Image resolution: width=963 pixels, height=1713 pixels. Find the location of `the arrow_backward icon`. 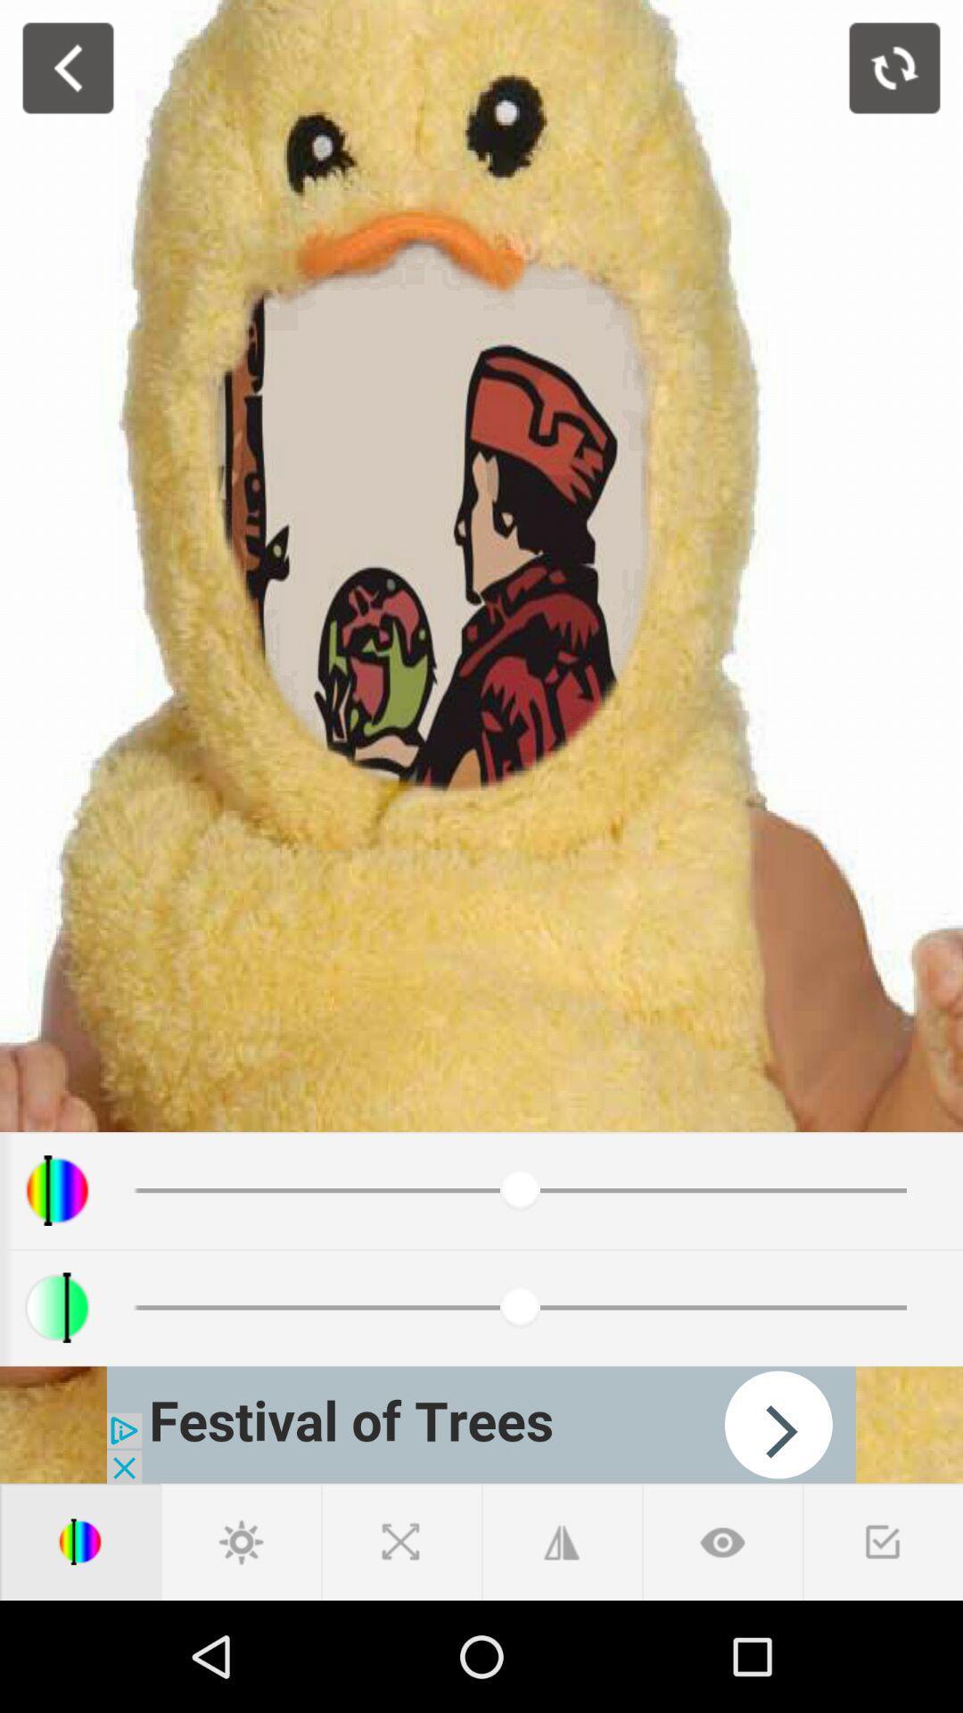

the arrow_backward icon is located at coordinates (67, 68).